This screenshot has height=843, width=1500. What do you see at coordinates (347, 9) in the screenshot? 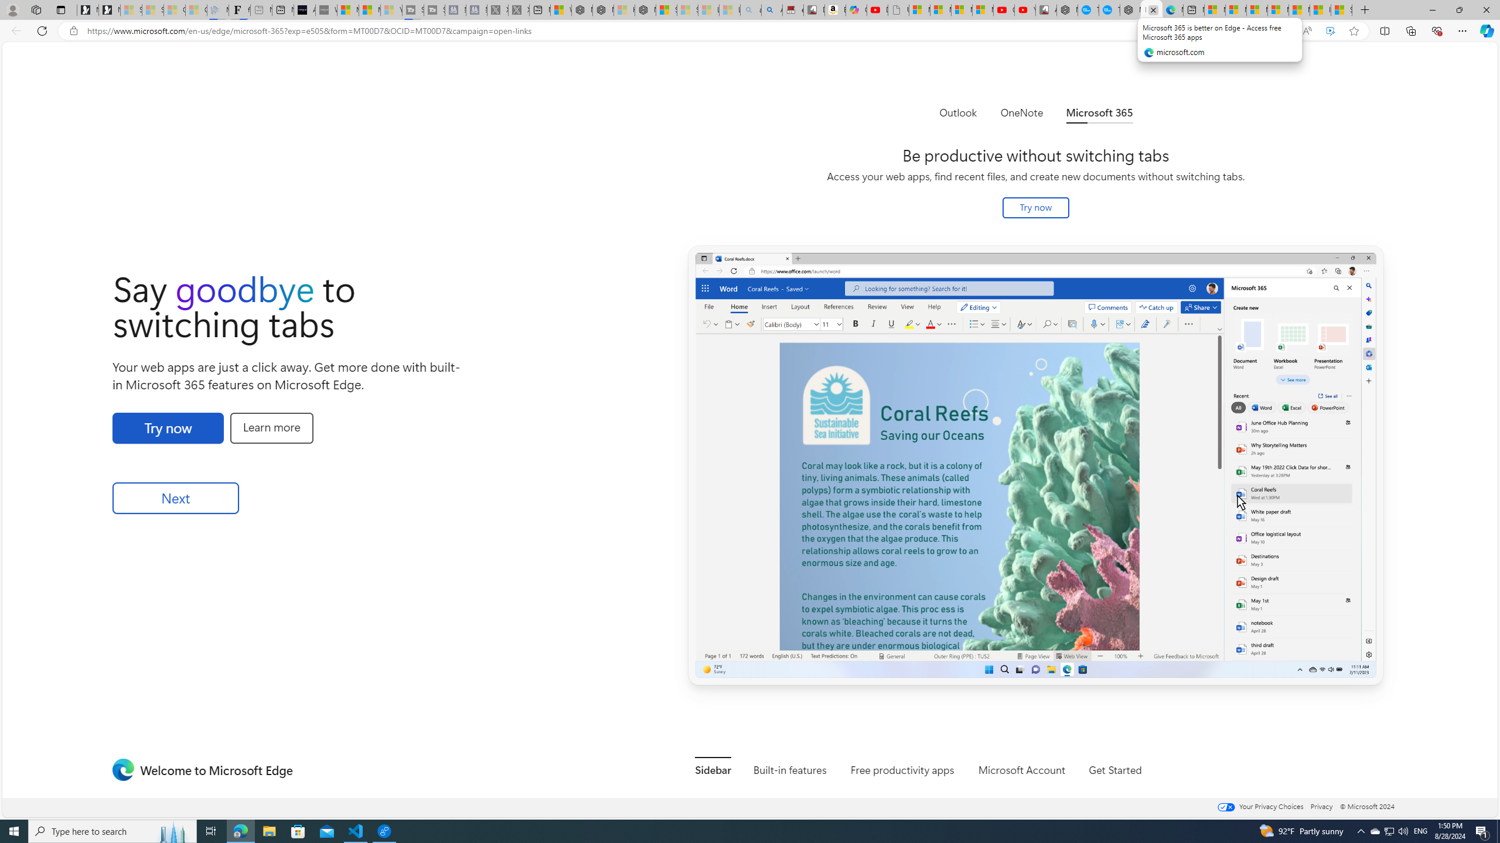
I see `'Microsoft Start Sports'` at bounding box center [347, 9].